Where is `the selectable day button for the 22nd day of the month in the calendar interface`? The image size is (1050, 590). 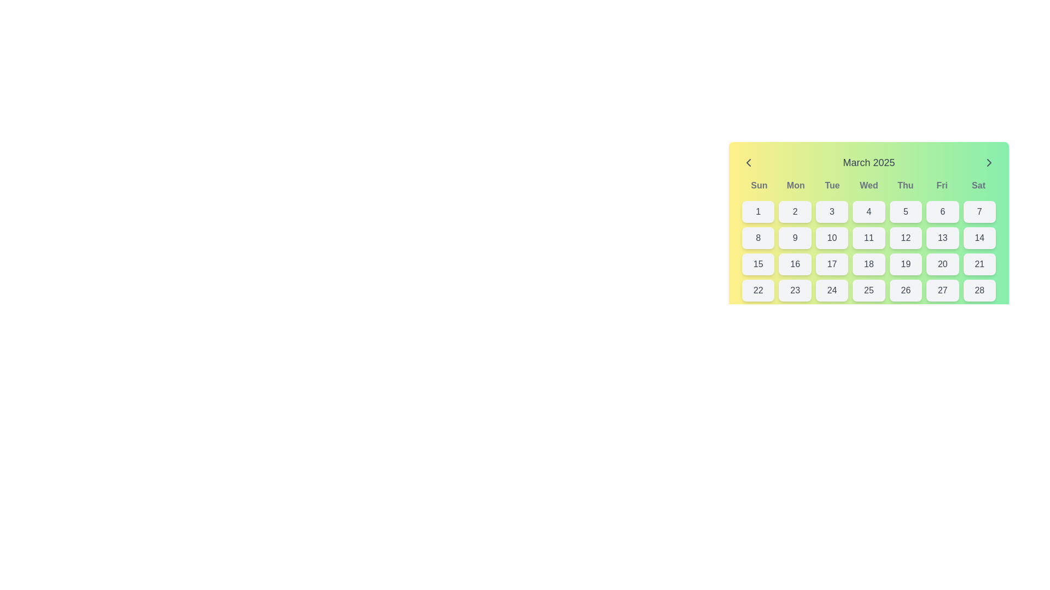 the selectable day button for the 22nd day of the month in the calendar interface is located at coordinates (757, 290).